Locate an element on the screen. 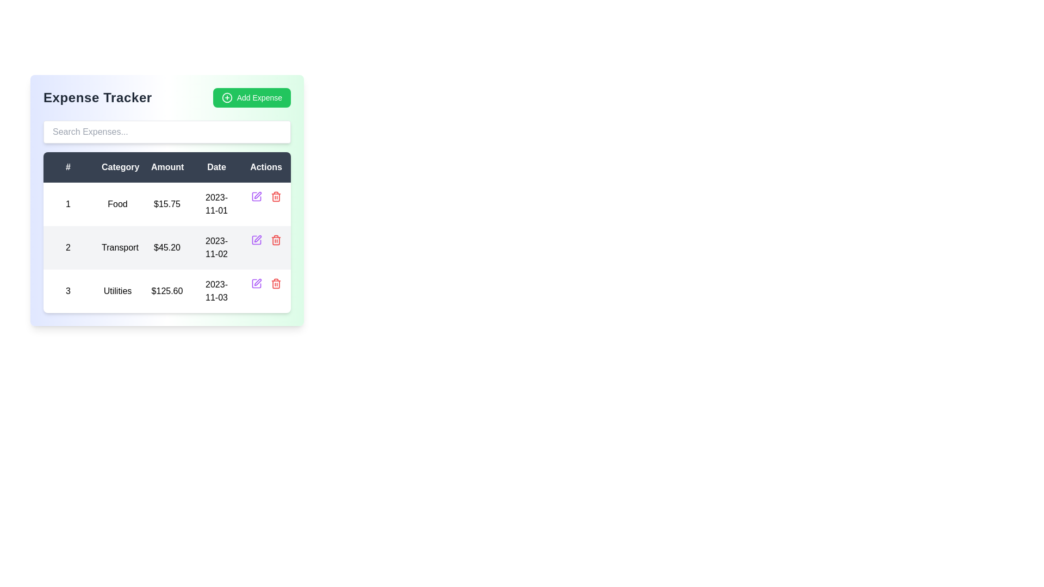 This screenshot has width=1044, height=587. the static text element in the first column of the second row of the table that serves as an index or serial number, positioned to the left of the 'Transport' text is located at coordinates (67, 247).